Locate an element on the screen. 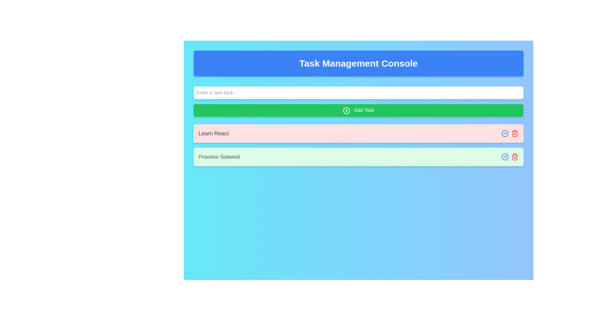  the button located to the far right of the 'Practice Tailwind' task item to mark the task as completed is located at coordinates (505, 156).